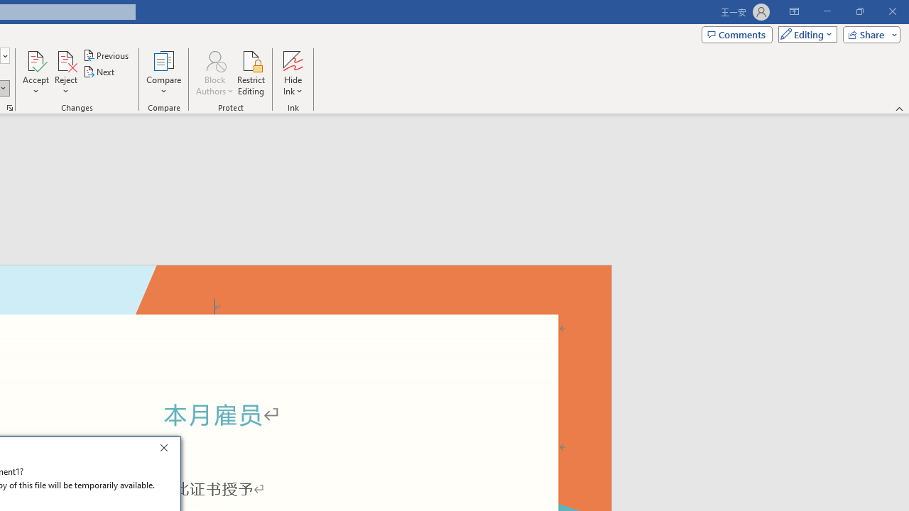  What do you see at coordinates (251, 73) in the screenshot?
I see `'Restrict Editing'` at bounding box center [251, 73].